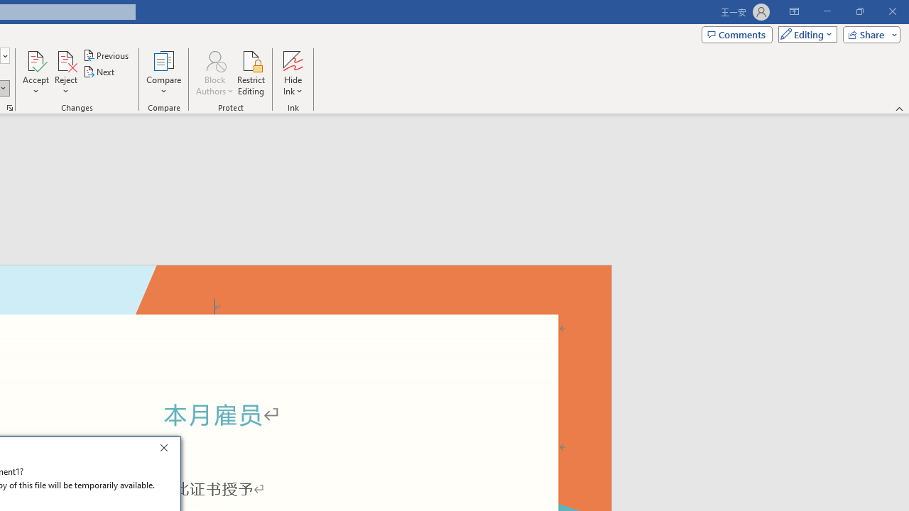  What do you see at coordinates (251, 73) in the screenshot?
I see `'Restrict Editing'` at bounding box center [251, 73].